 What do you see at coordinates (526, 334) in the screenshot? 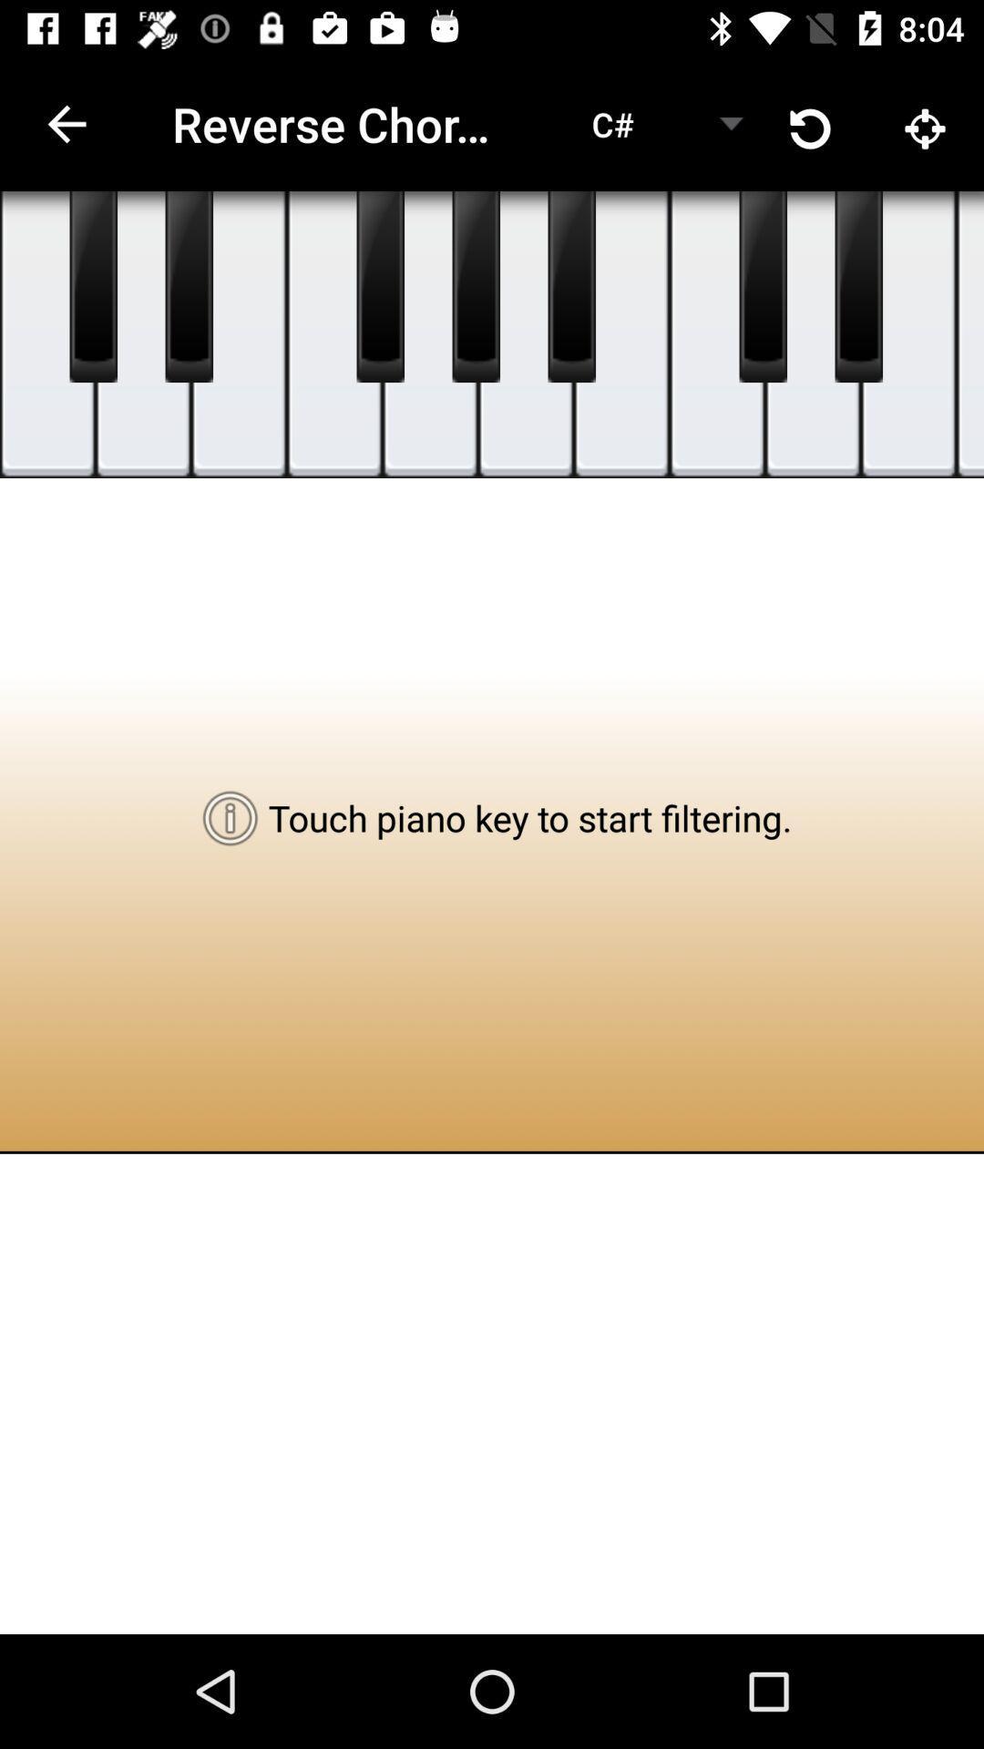
I see `the icon above the touch piano key` at bounding box center [526, 334].